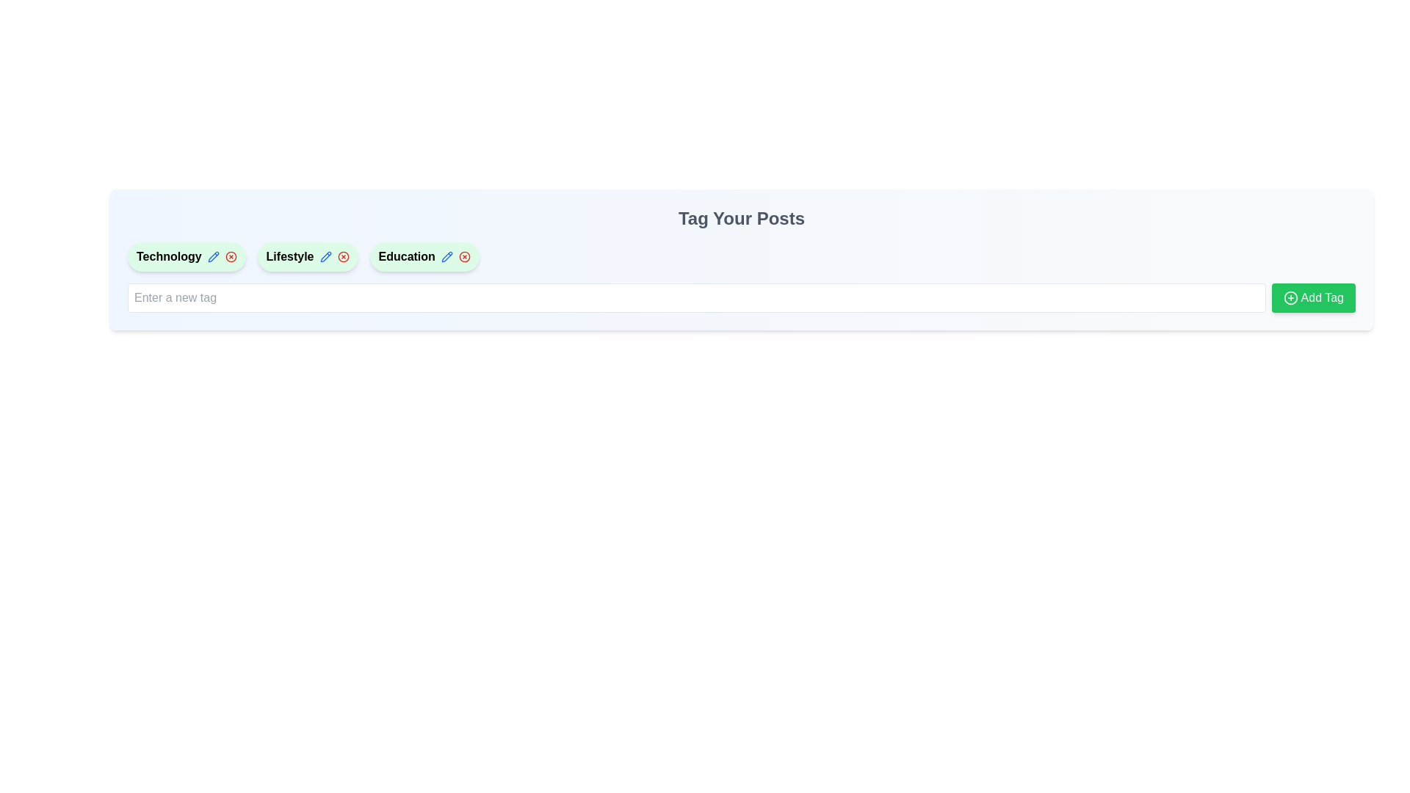 The height and width of the screenshot is (793, 1410). What do you see at coordinates (212, 256) in the screenshot?
I see `the edit icon located to the right of the 'Education' tag label` at bounding box center [212, 256].